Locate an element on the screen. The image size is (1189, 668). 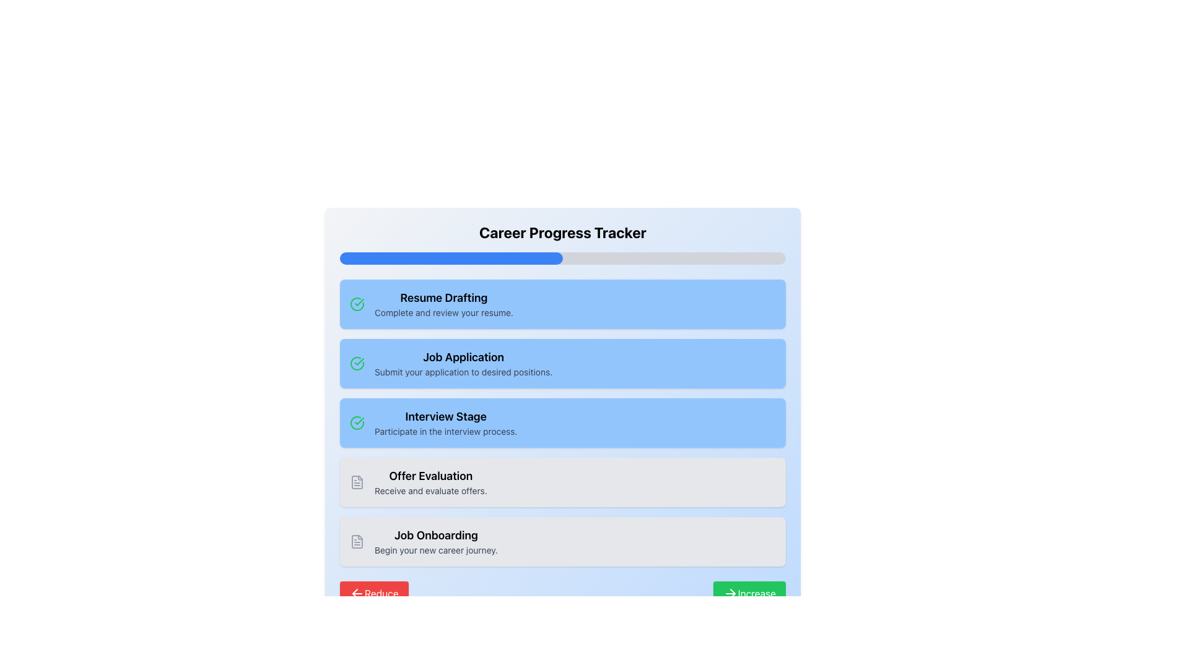
the leftward arrow icon within the red 'Reduce' button located at the bottom-left corner of the interface is located at coordinates (356, 593).